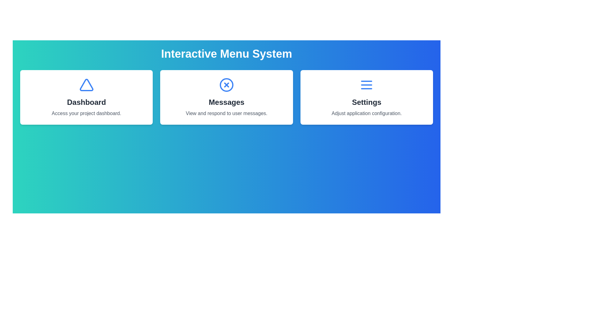 This screenshot has width=596, height=335. Describe the element at coordinates (226, 114) in the screenshot. I see `the light-gray text label that reads 'View and respond to user messages.' located beneath the 'Messages' title in the center card` at that location.